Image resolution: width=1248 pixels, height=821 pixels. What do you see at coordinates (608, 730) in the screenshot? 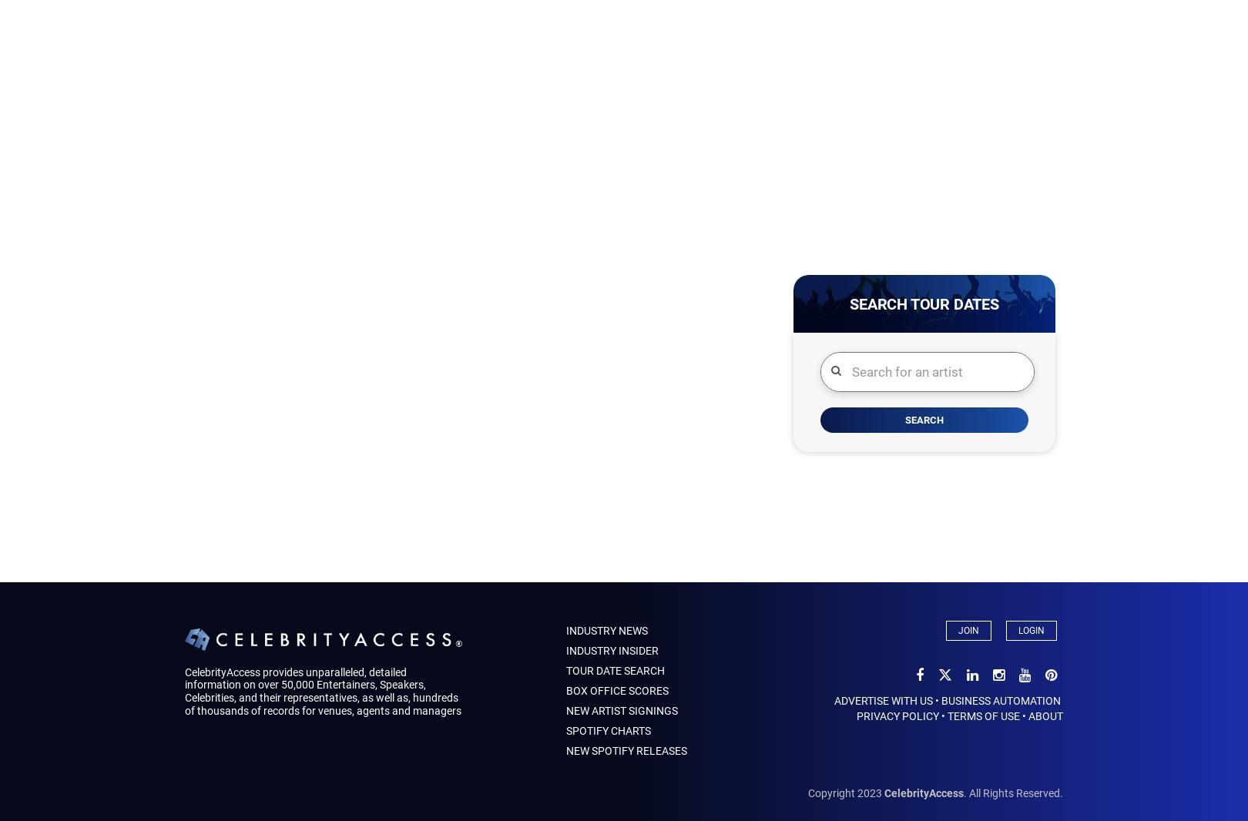
I see `'Spotify Charts'` at bounding box center [608, 730].